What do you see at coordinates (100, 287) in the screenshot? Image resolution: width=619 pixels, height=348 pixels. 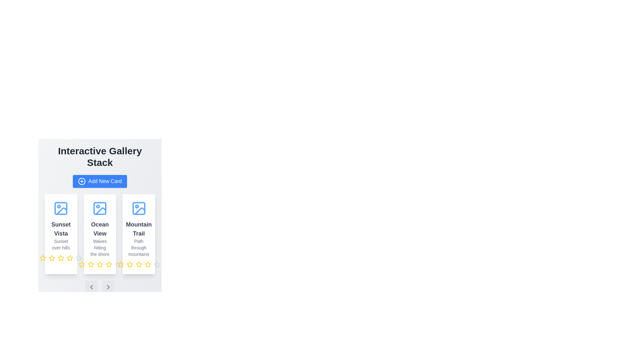 I see `the navigation controls for the carousel located at the bottom-center of the 'Interactive Gallery Stack' section` at bounding box center [100, 287].